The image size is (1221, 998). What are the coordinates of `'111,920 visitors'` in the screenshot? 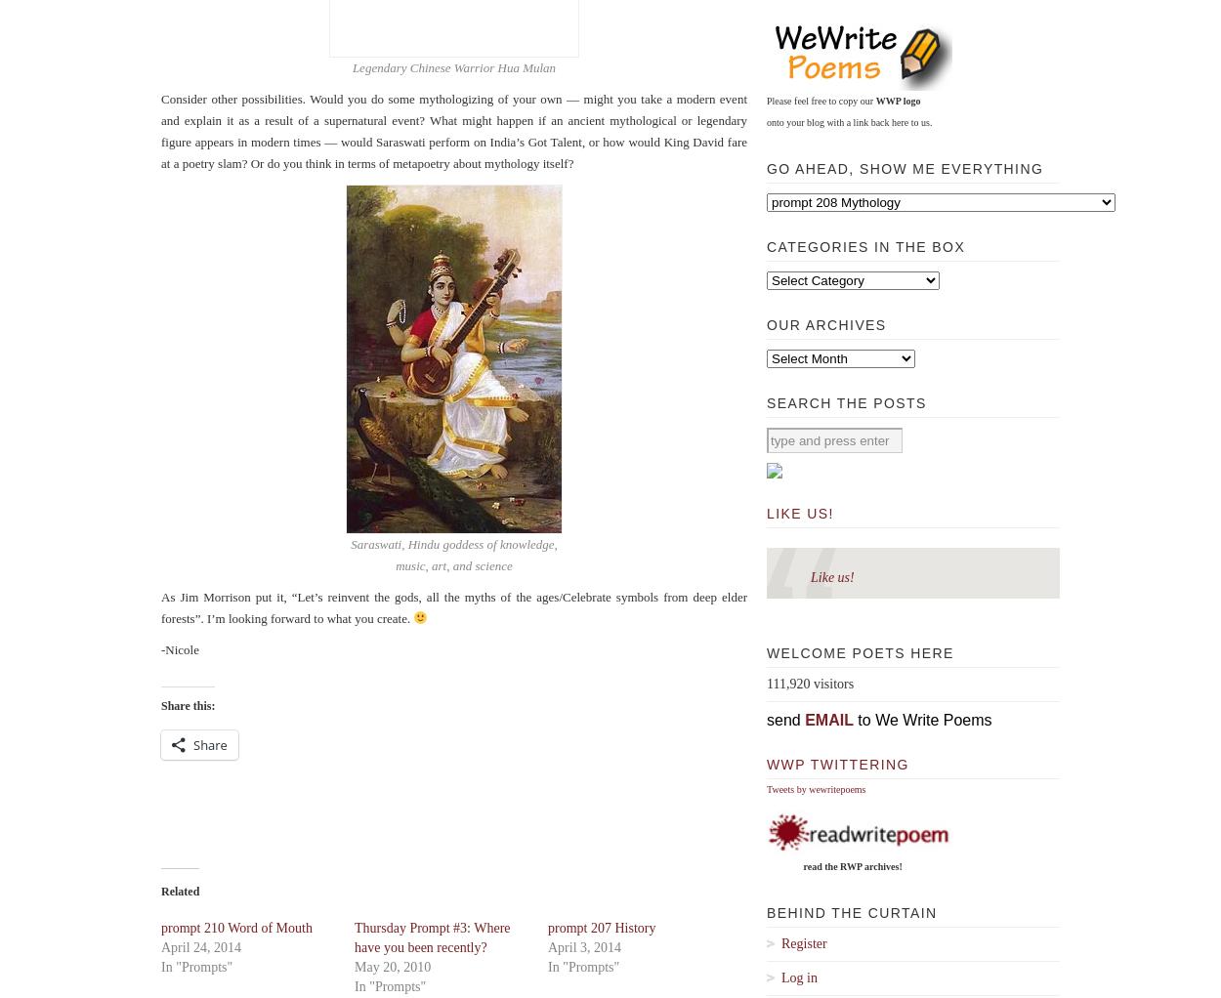 It's located at (809, 684).